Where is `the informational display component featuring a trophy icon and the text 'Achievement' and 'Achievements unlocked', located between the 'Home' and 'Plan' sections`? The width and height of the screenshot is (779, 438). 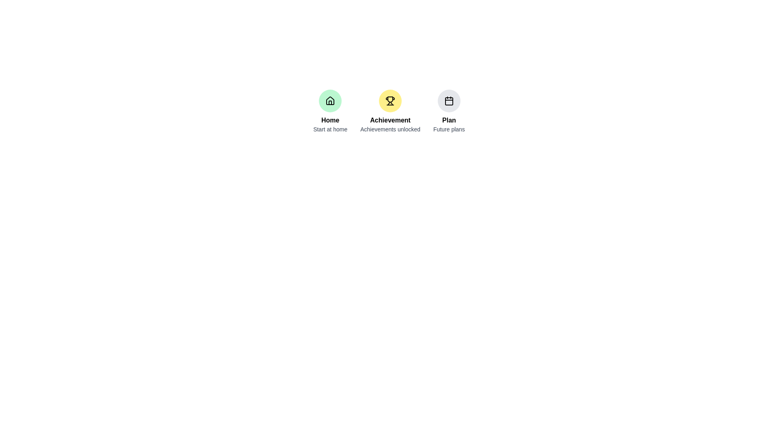 the informational display component featuring a trophy icon and the text 'Achievement' and 'Achievements unlocked', located between the 'Home' and 'Plan' sections is located at coordinates (390, 111).